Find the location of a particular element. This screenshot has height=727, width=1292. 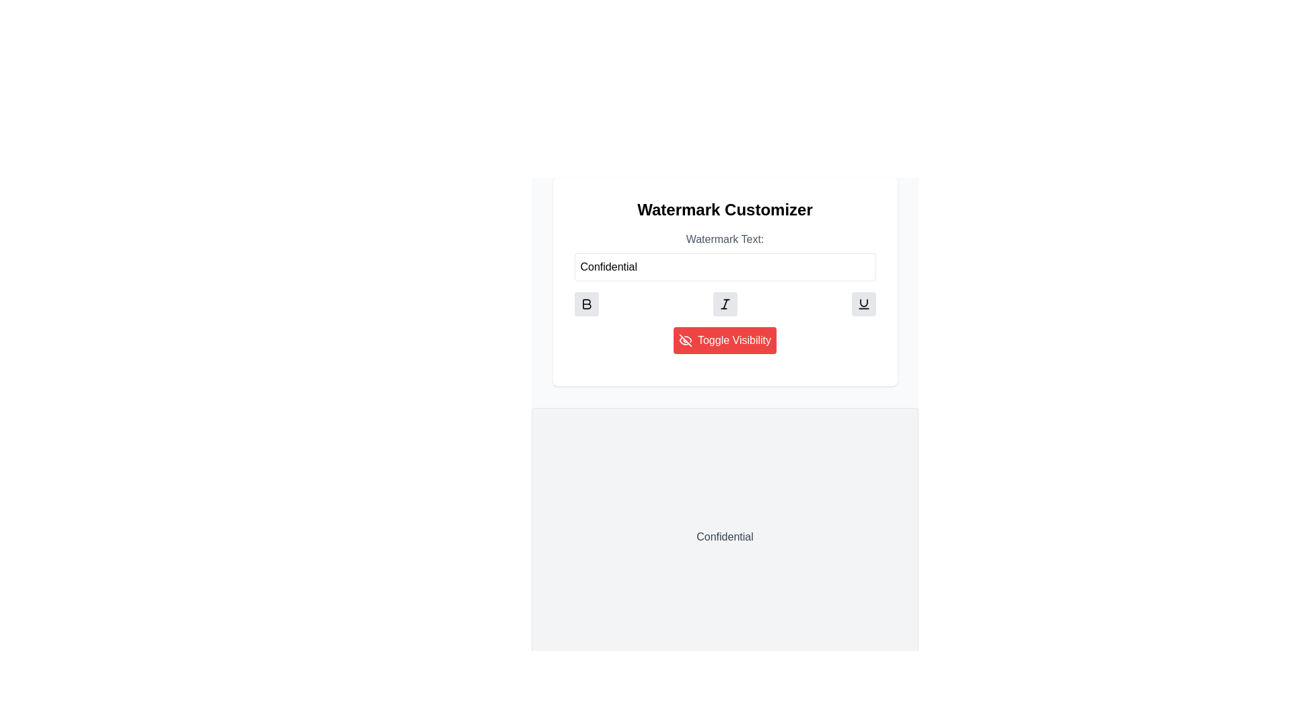

the button with a gray background and a bold 'B' icon is located at coordinates (586, 304).